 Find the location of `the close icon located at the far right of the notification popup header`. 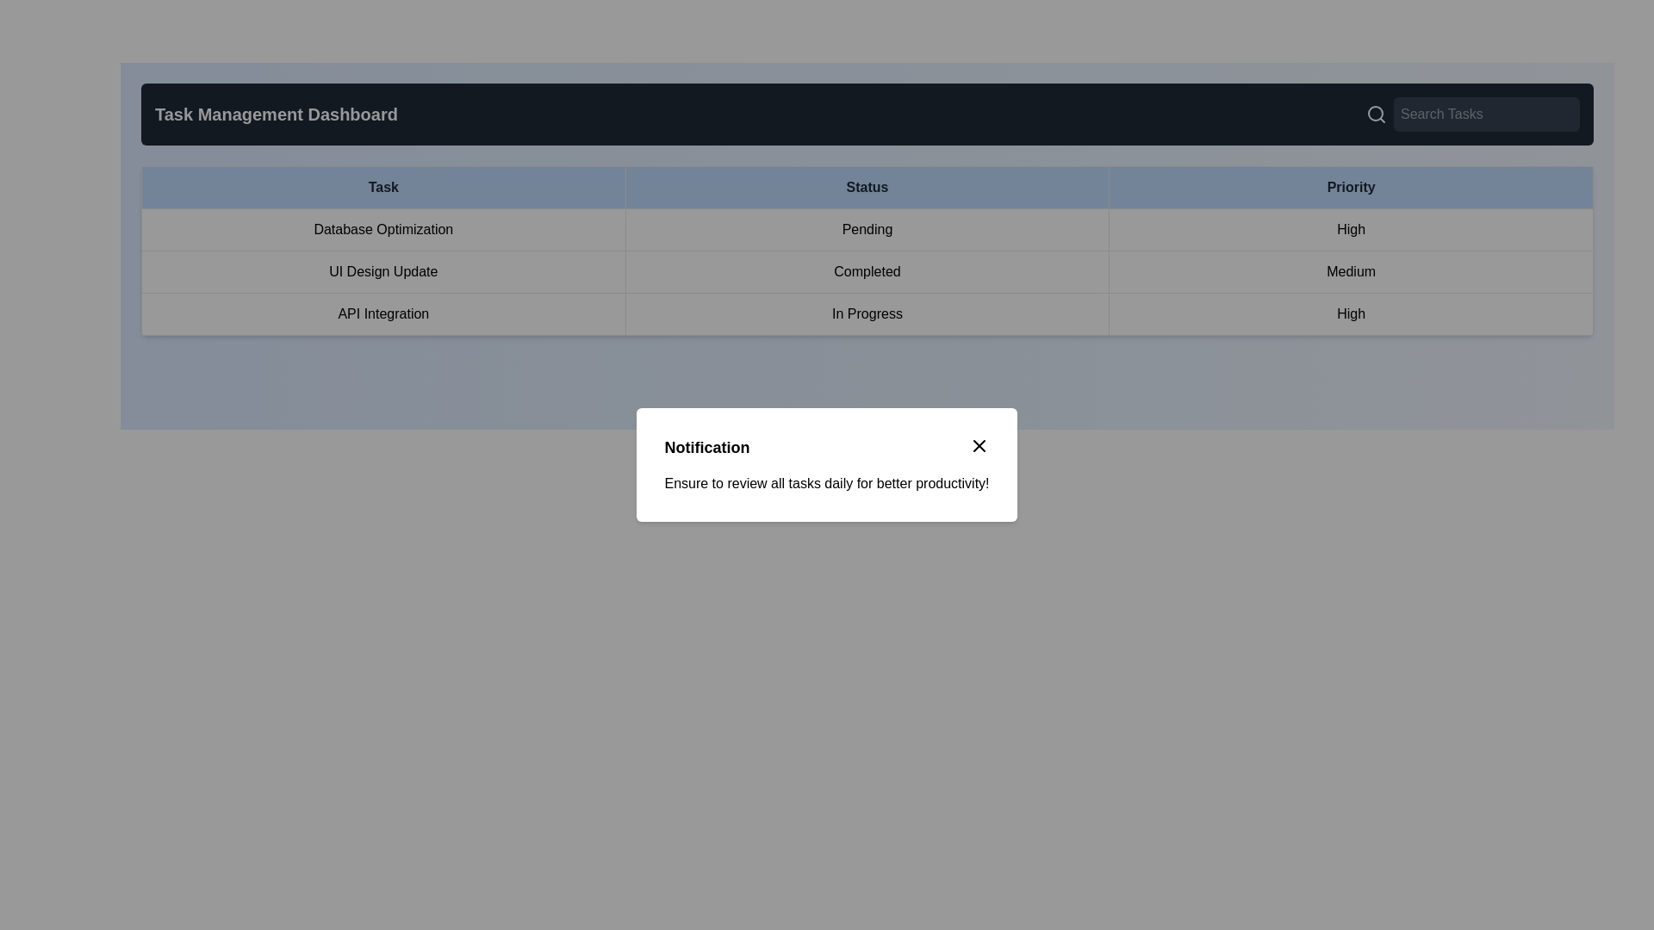

the close icon located at the far right of the notification popup header is located at coordinates (979, 444).